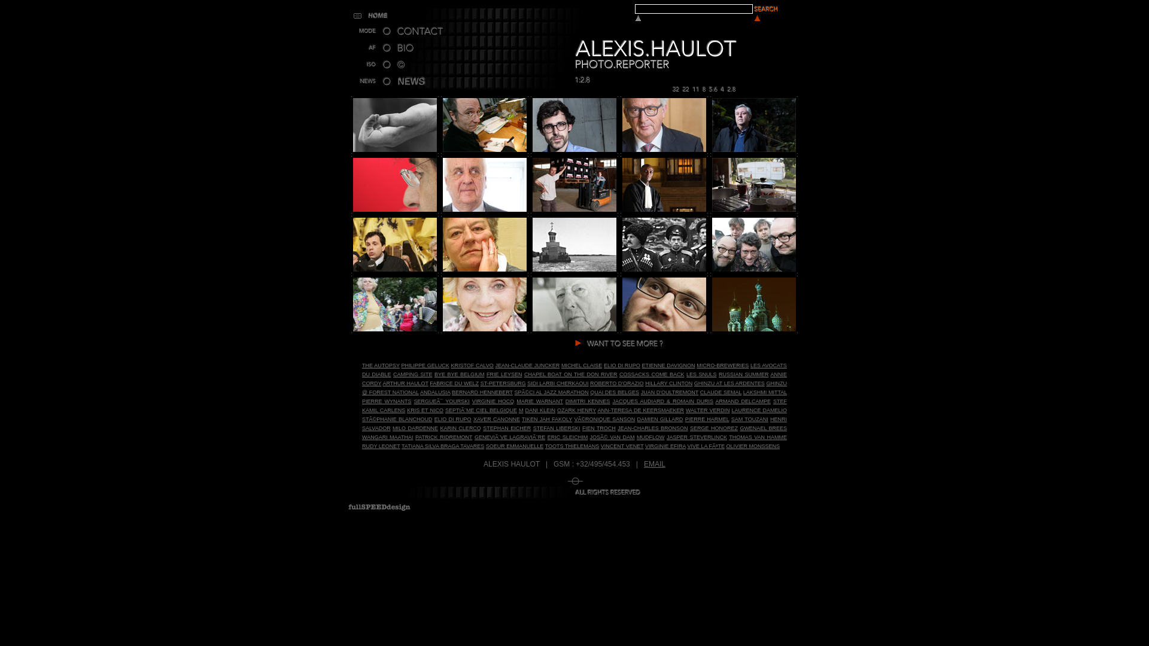 The width and height of the screenshot is (1149, 646). Describe the element at coordinates (527, 364) in the screenshot. I see `'JEAN-CLAUDE JUNCKER'` at that location.